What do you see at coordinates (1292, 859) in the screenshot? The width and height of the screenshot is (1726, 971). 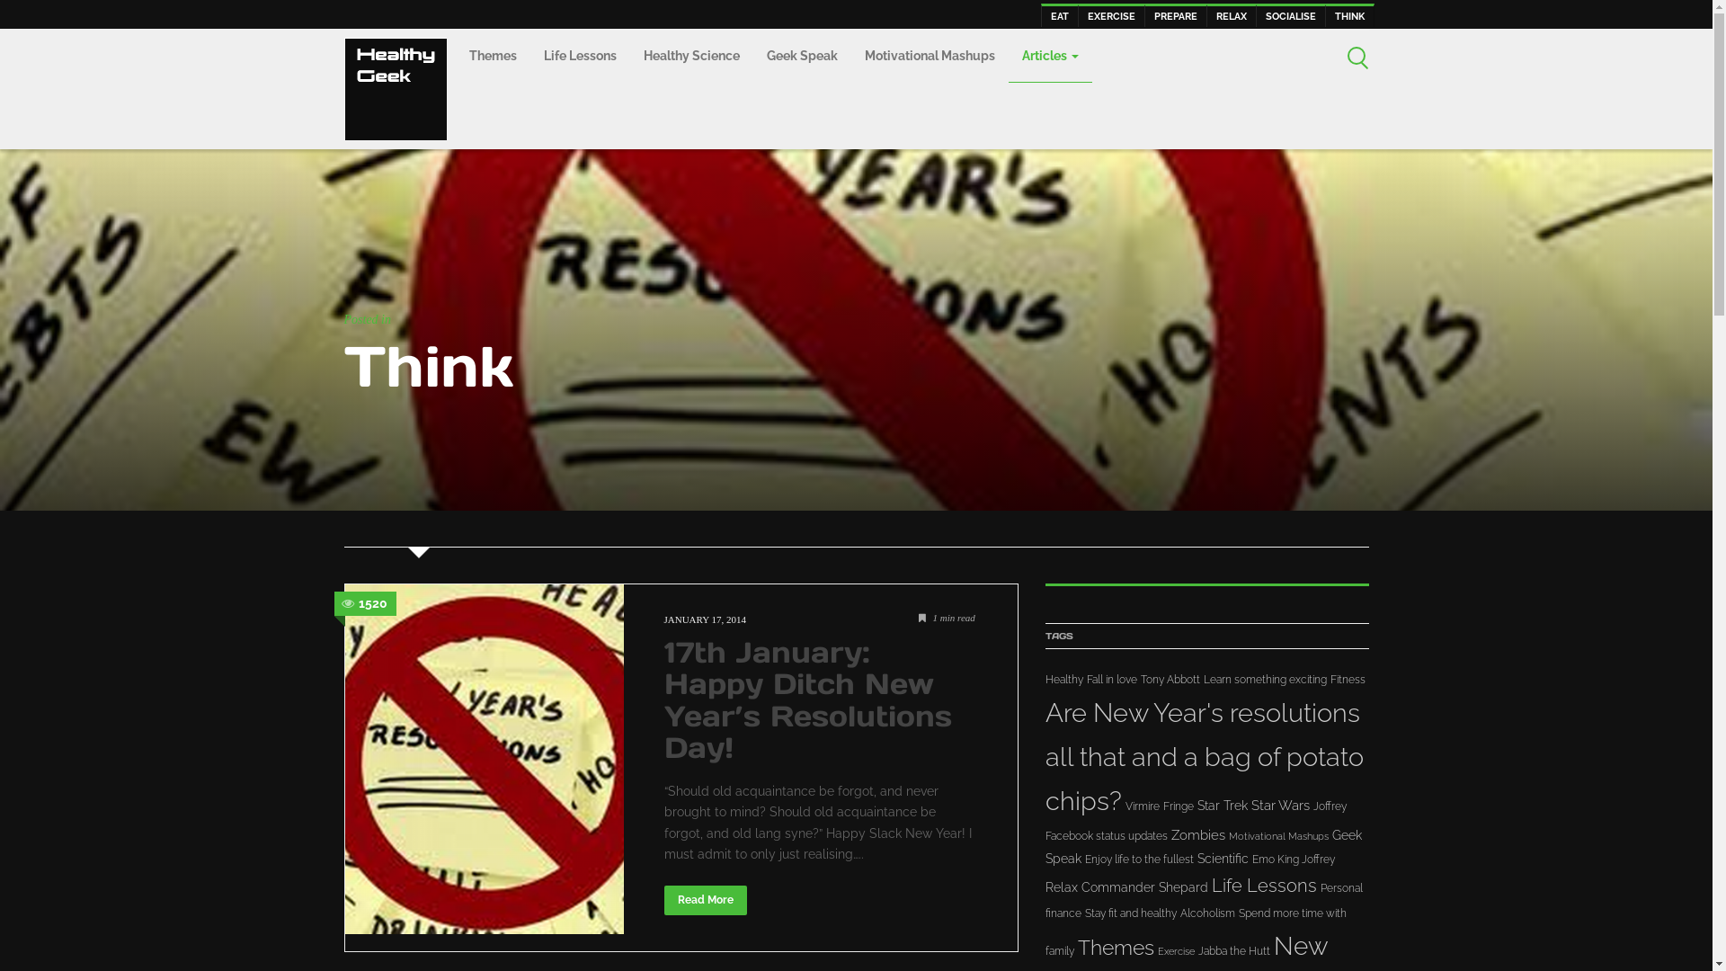 I see `'Emo King Joffrey'` at bounding box center [1292, 859].